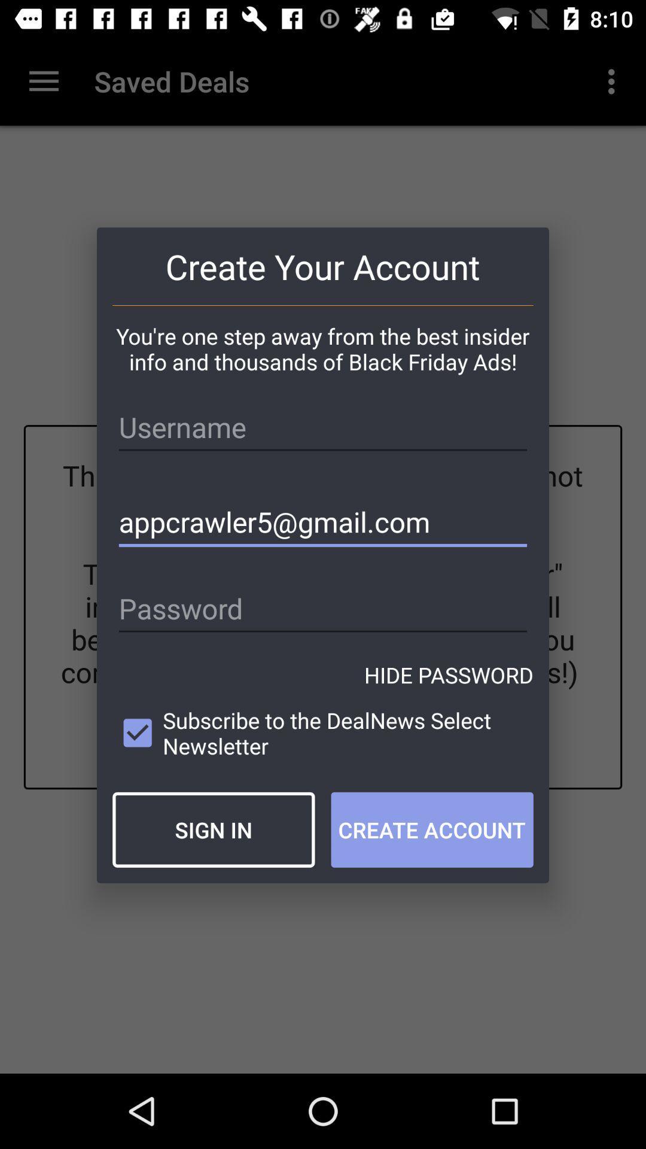 This screenshot has height=1149, width=646. I want to click on the icon above the appcrawler5@gmail.com icon, so click(323, 427).